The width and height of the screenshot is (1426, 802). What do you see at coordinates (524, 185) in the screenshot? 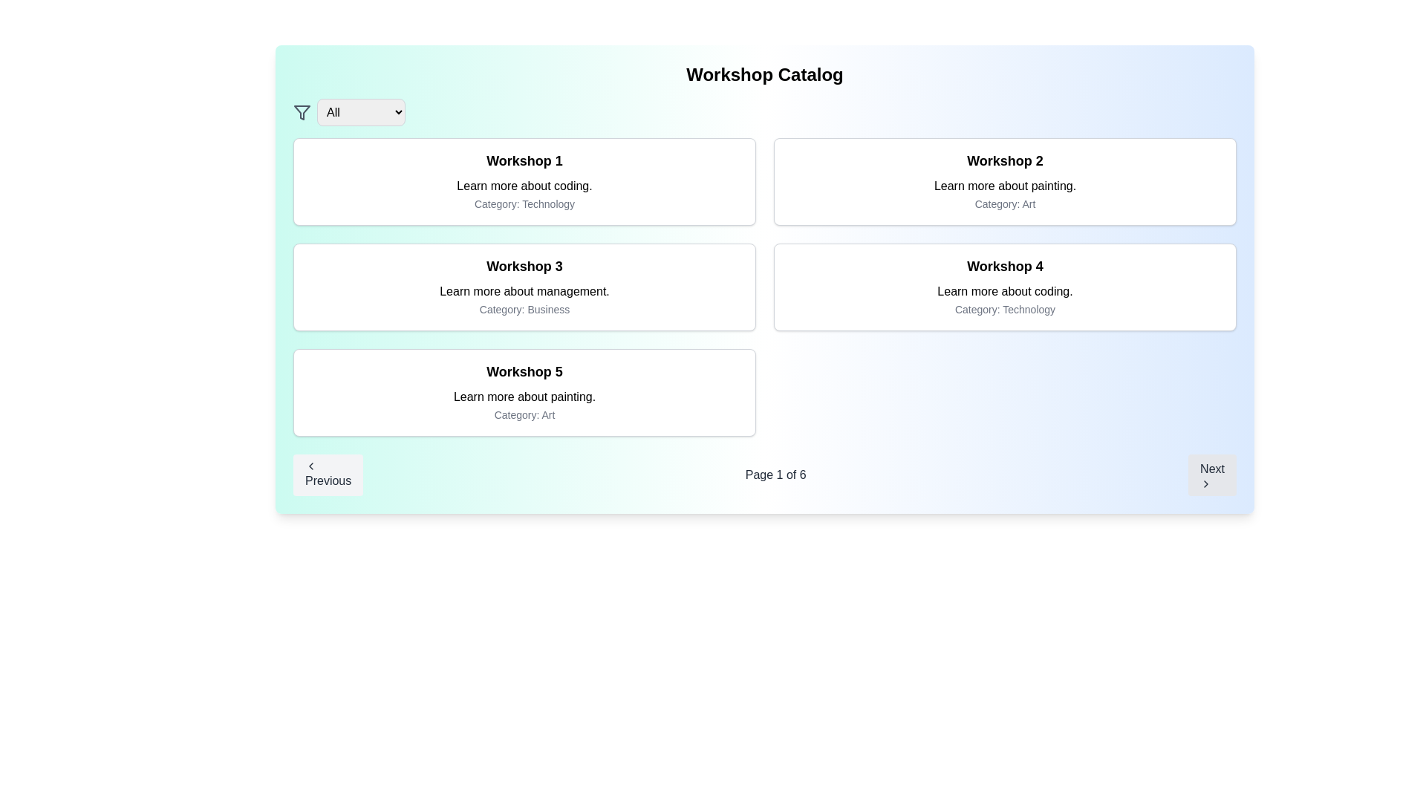
I see `the descriptive Text label that provides information about the workshop, located in the first card of the grid structure, between the 'Workshop 1' heading and the 'Category: Technology' label` at bounding box center [524, 185].